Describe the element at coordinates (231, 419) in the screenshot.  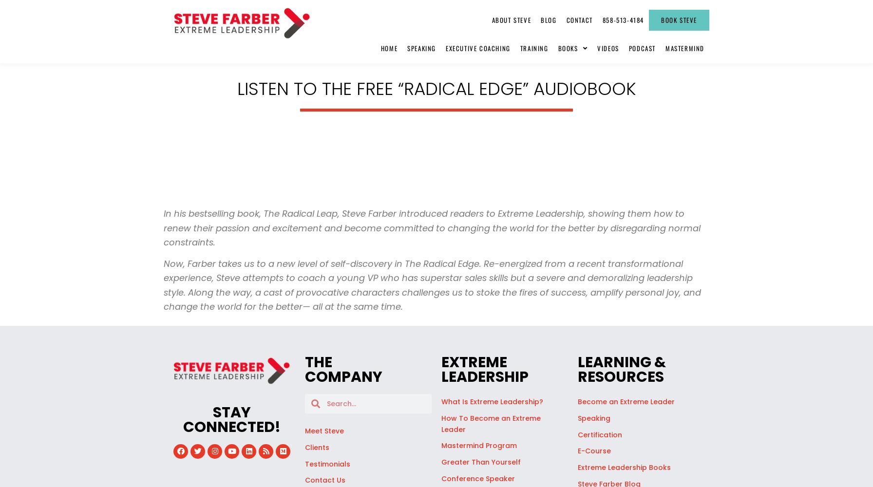
I see `'STAY CONNECTED!'` at that location.